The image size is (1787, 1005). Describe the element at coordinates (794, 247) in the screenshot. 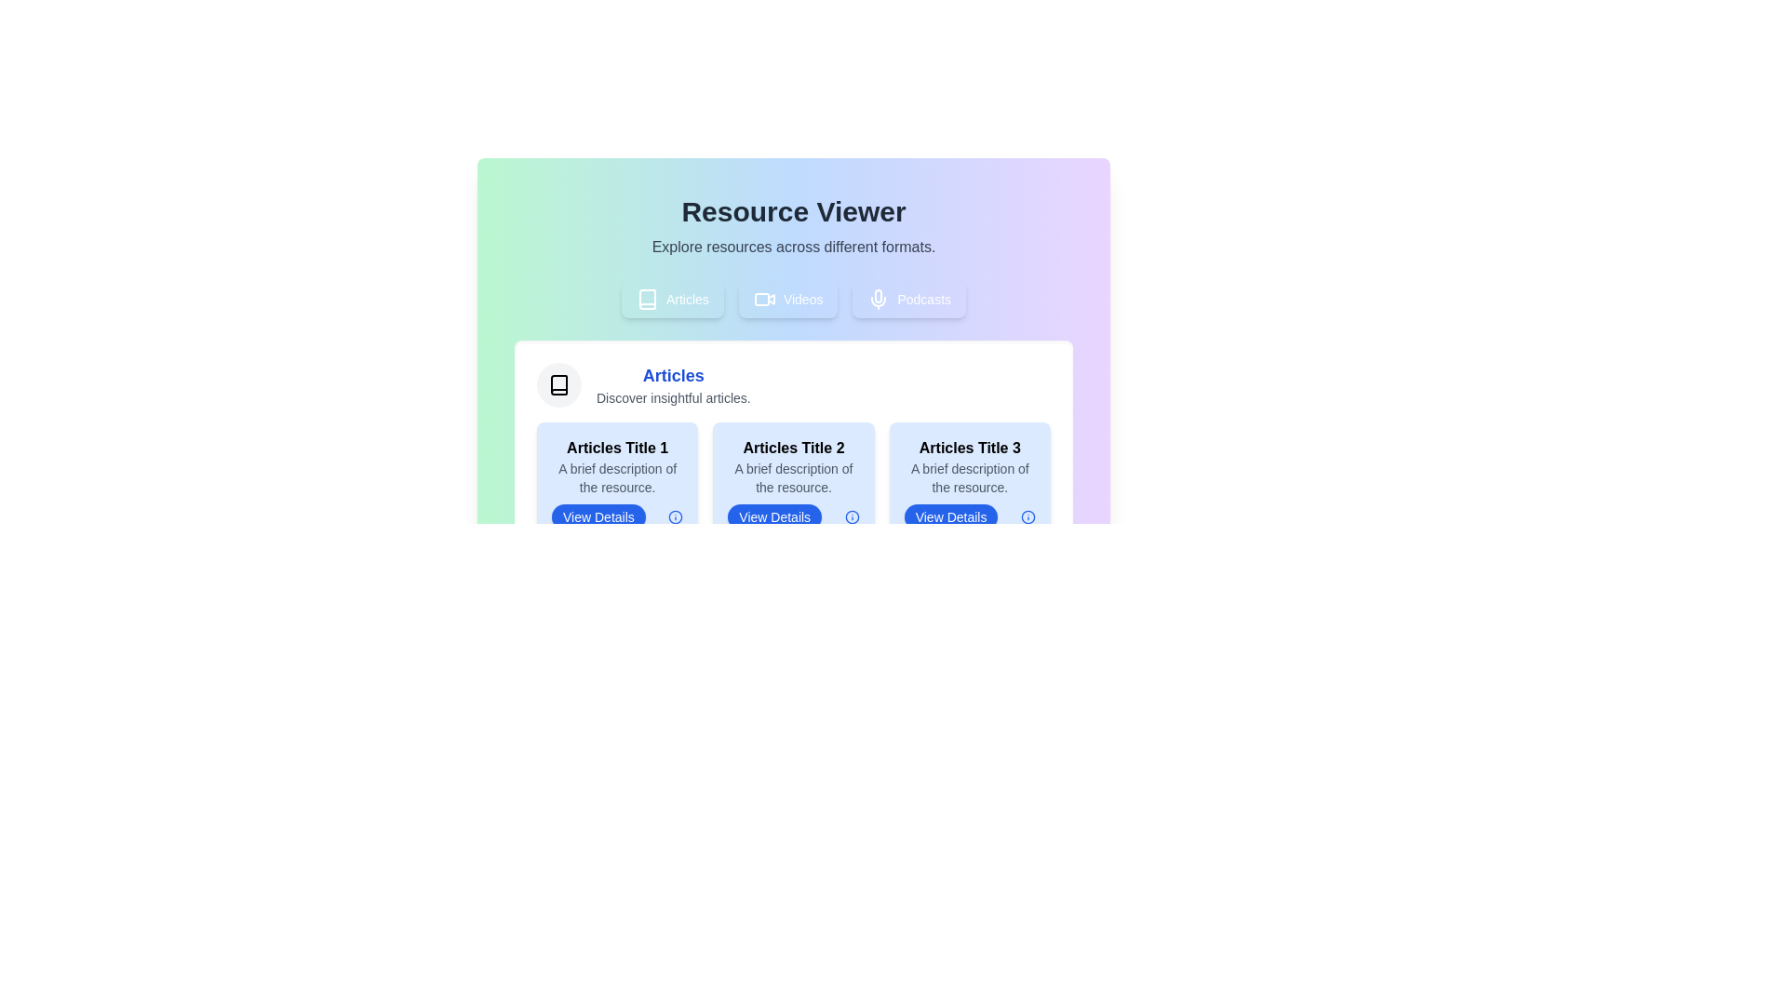

I see `the static text element that reads 'Explore resources across different formats.', which is located just beneath the heading 'Resource Viewer'` at that location.